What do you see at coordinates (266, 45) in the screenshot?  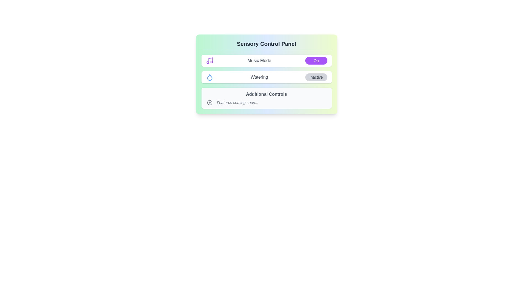 I see `text content of the header displaying 'Sensory Control Panel', which is a bold, large, dark gray text aligned centrally and underlined` at bounding box center [266, 45].